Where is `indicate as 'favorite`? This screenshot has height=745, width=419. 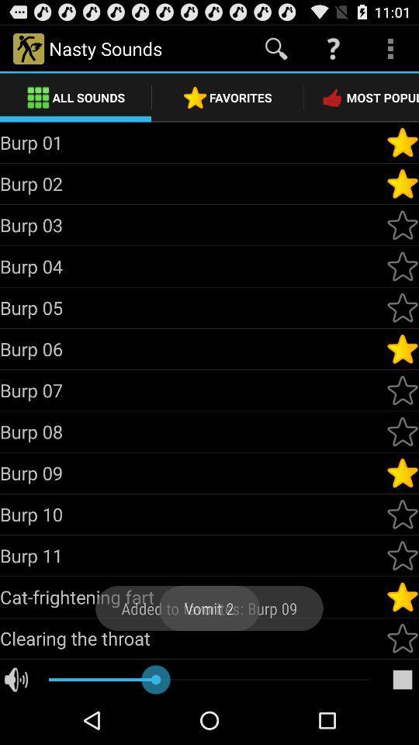 indicate as 'favorite is located at coordinates (402, 472).